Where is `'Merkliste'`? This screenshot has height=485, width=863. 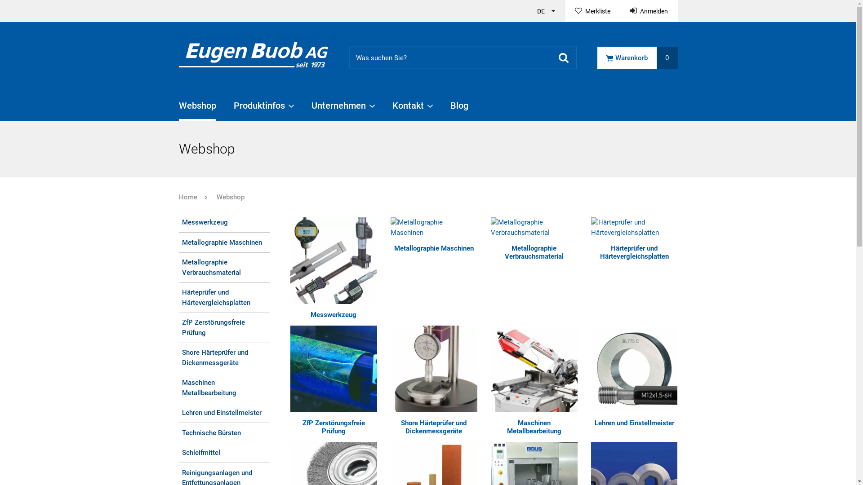
'Merkliste' is located at coordinates (565, 11).